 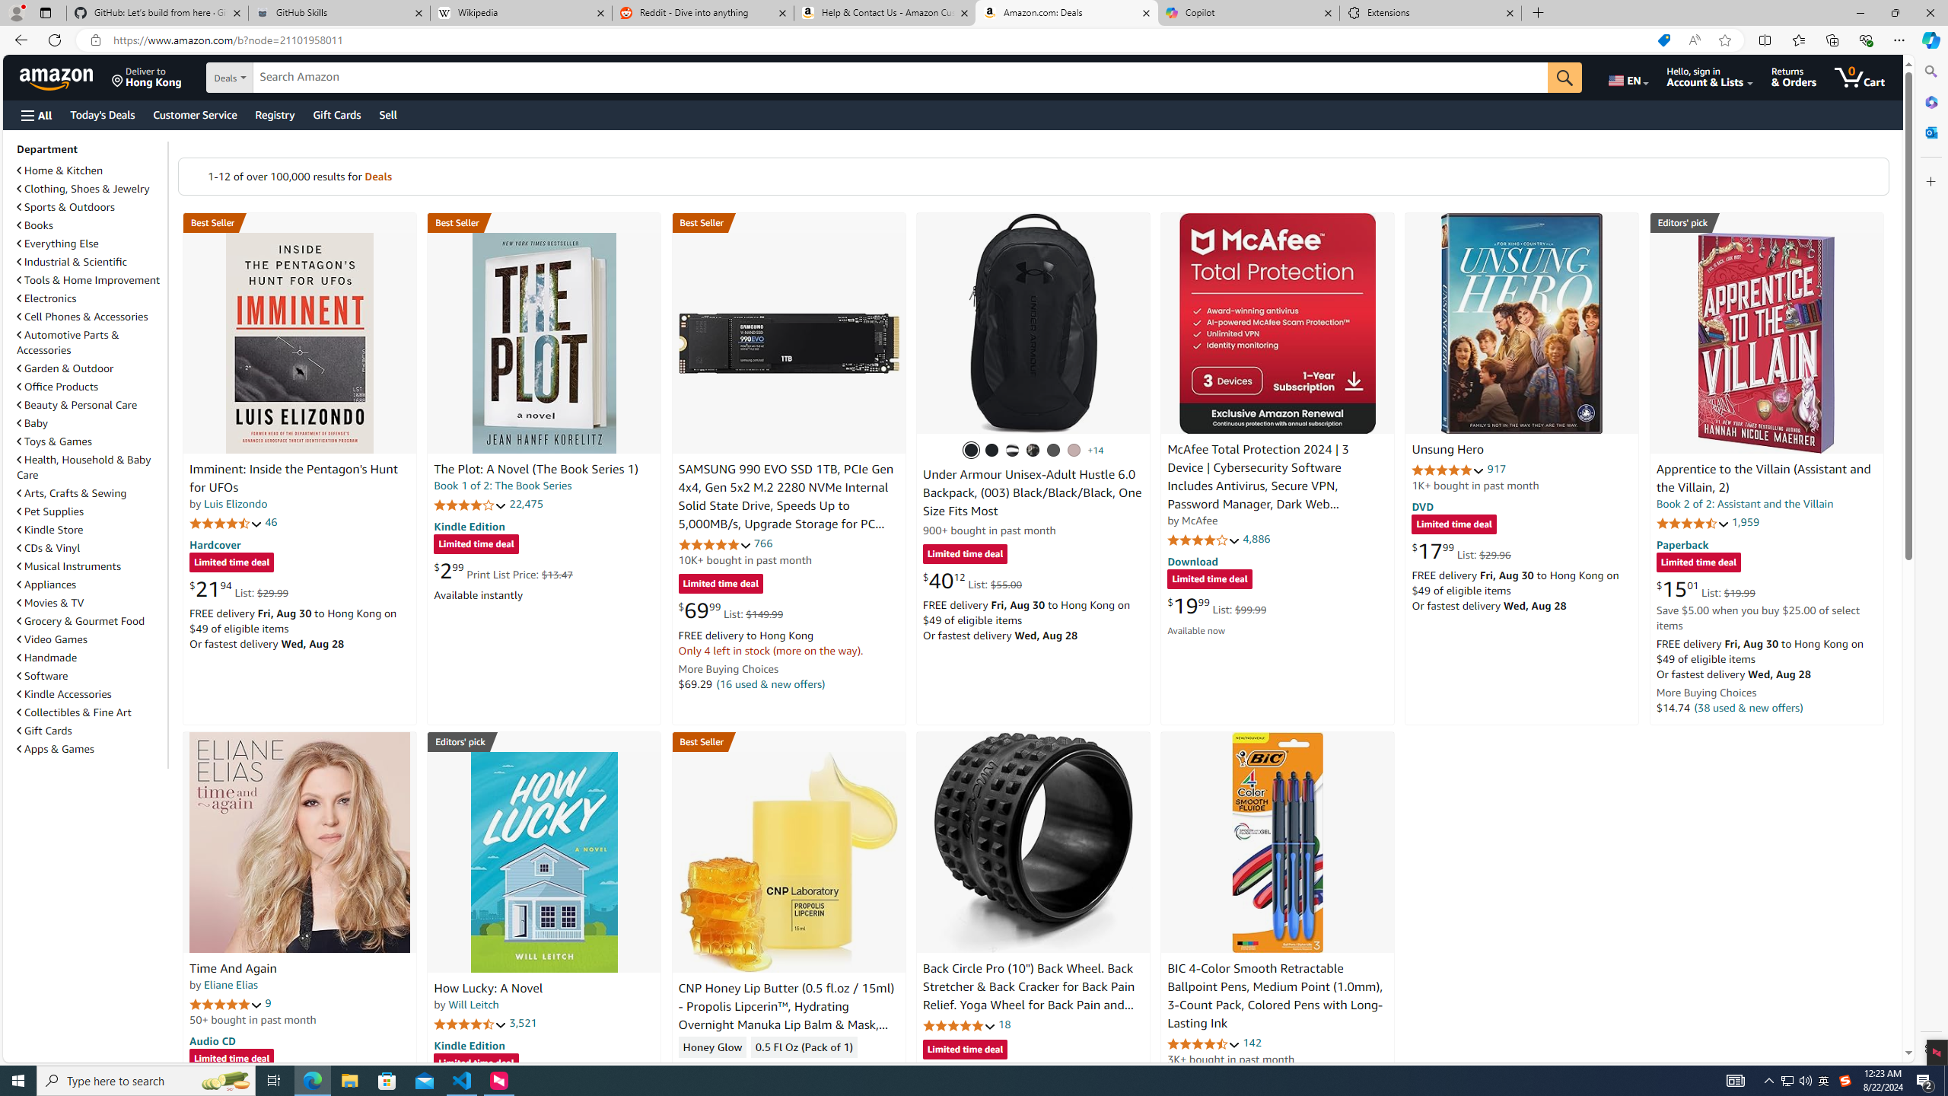 What do you see at coordinates (267, 1002) in the screenshot?
I see `'9'` at bounding box center [267, 1002].